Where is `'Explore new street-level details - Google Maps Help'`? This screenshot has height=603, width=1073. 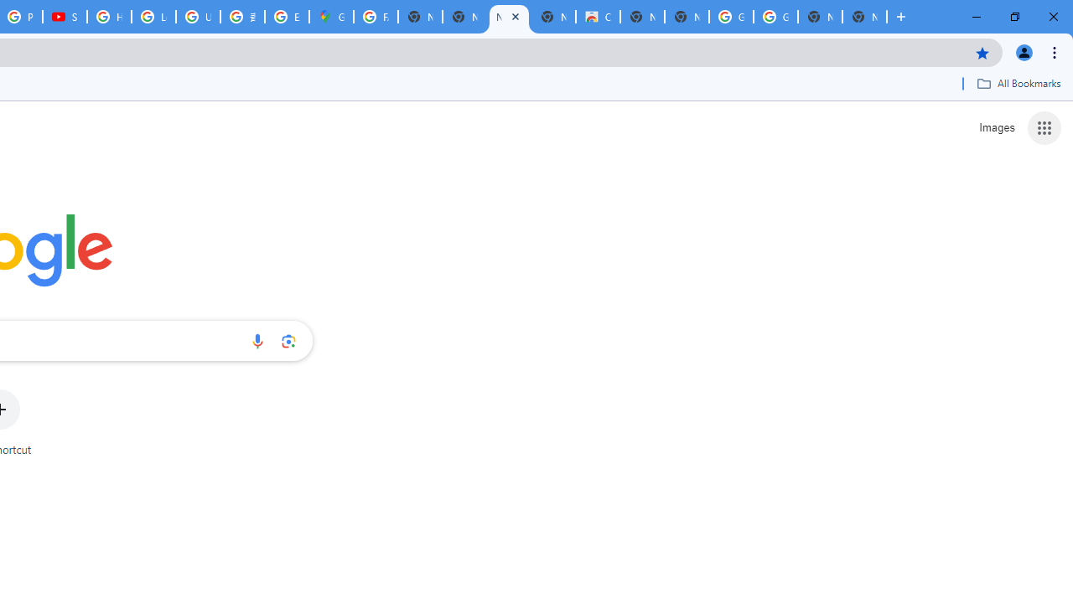
'Explore new street-level details - Google Maps Help' is located at coordinates (287, 17).